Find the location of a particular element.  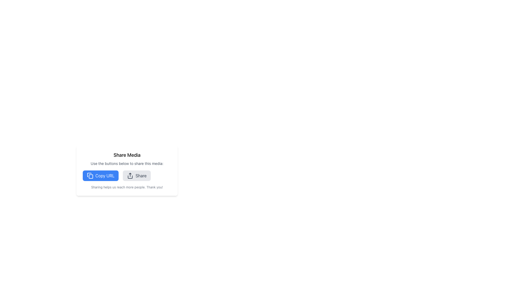

the 'Copy URL' button, which is a rectangular button with a blue background, white rounded corners, and an icon of overlapping squares on the left with the label 'Copy URL' in white text on the right, located towards the bottom center of the page is located at coordinates (101, 176).